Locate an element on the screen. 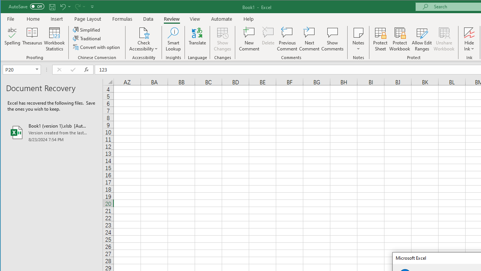 The height and width of the screenshot is (271, 481). 'Book1 (version 1).xlsb  [AutoRecovered]' is located at coordinates (51, 132).